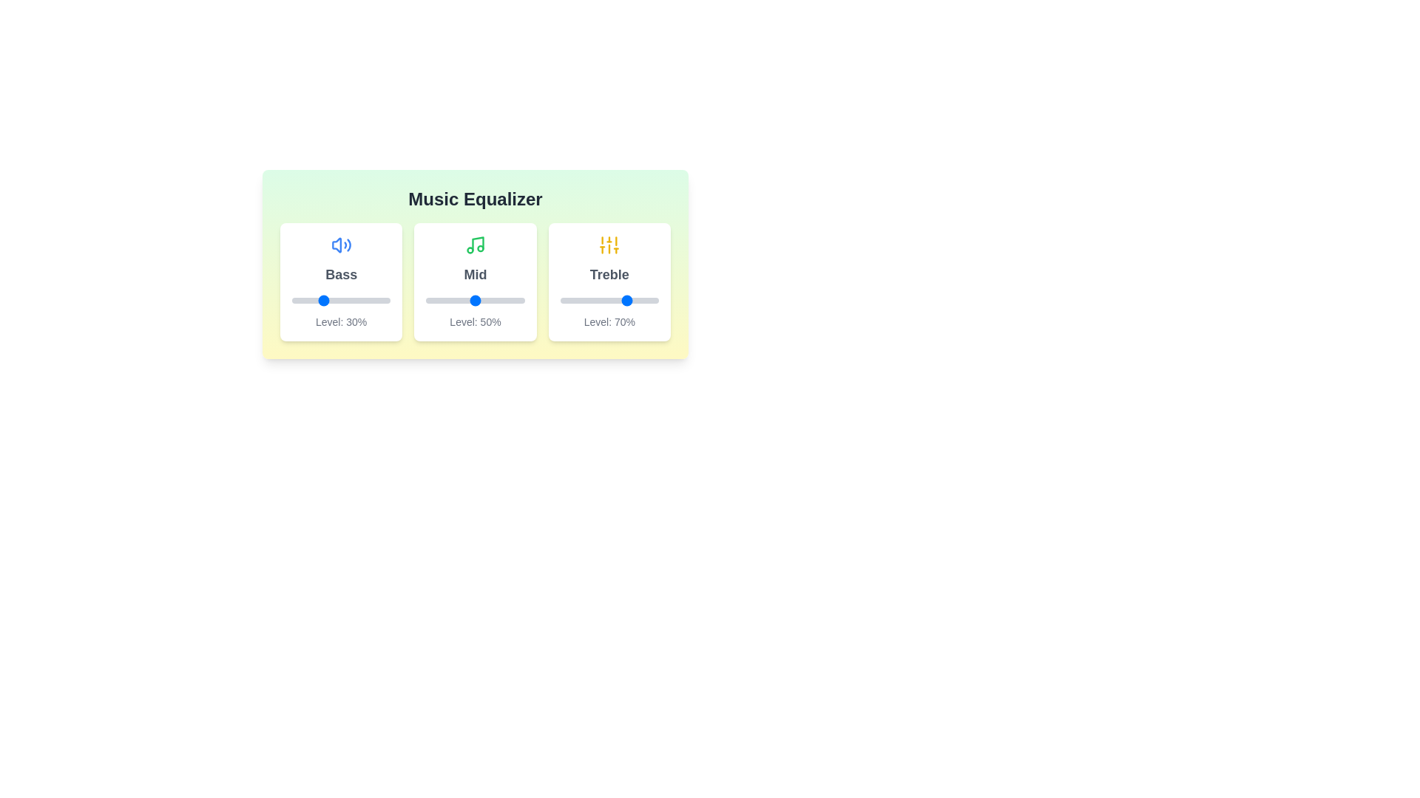  I want to click on the Treble slider to set its value to 94, so click(652, 300).